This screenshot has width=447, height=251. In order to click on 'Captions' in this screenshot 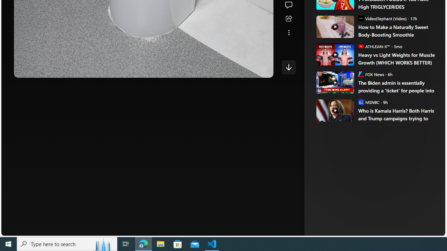, I will do `click(236, 70)`.